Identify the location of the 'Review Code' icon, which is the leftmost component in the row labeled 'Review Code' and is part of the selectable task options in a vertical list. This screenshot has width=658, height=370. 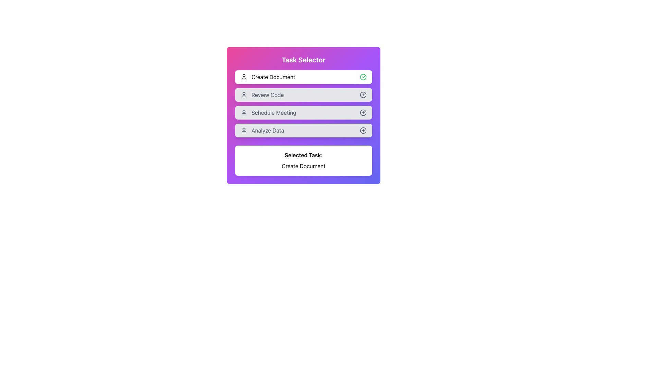
(244, 95).